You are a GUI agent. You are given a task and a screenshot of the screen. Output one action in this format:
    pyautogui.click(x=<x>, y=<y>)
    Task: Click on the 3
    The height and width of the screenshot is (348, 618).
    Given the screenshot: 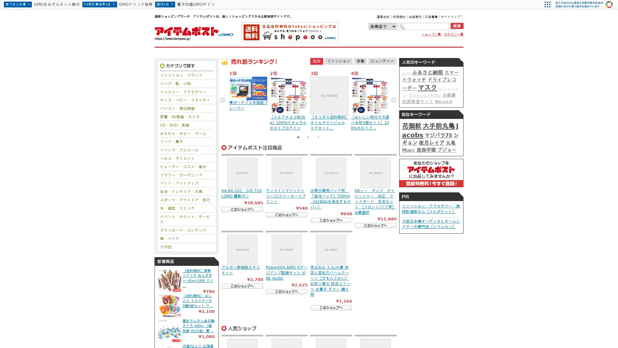 What is the action you would take?
    pyautogui.click(x=318, y=137)
    